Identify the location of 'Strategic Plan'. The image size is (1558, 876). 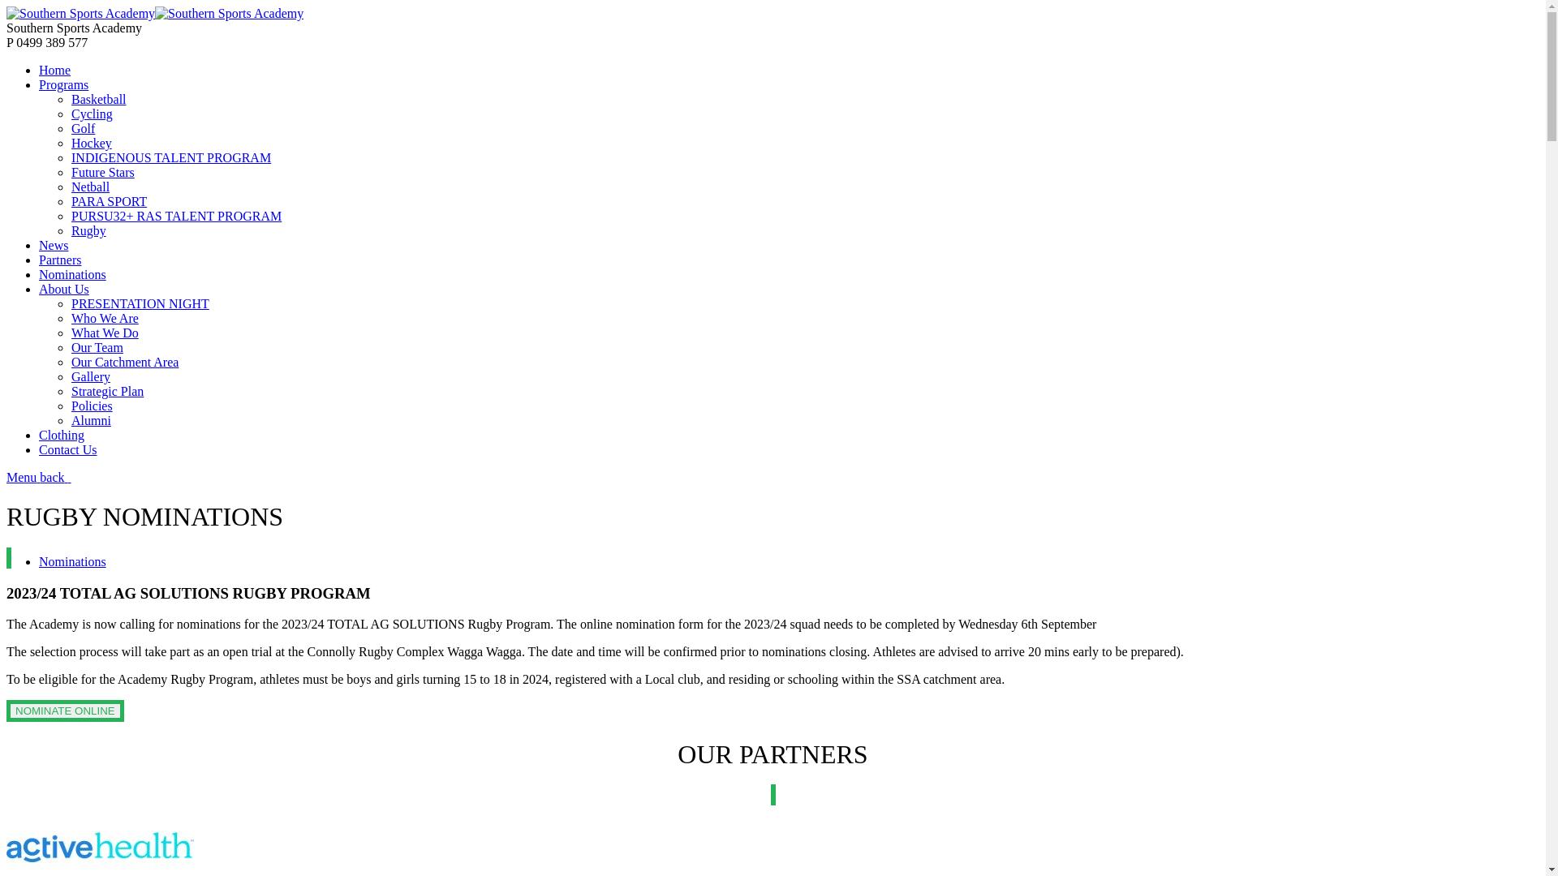
(70, 391).